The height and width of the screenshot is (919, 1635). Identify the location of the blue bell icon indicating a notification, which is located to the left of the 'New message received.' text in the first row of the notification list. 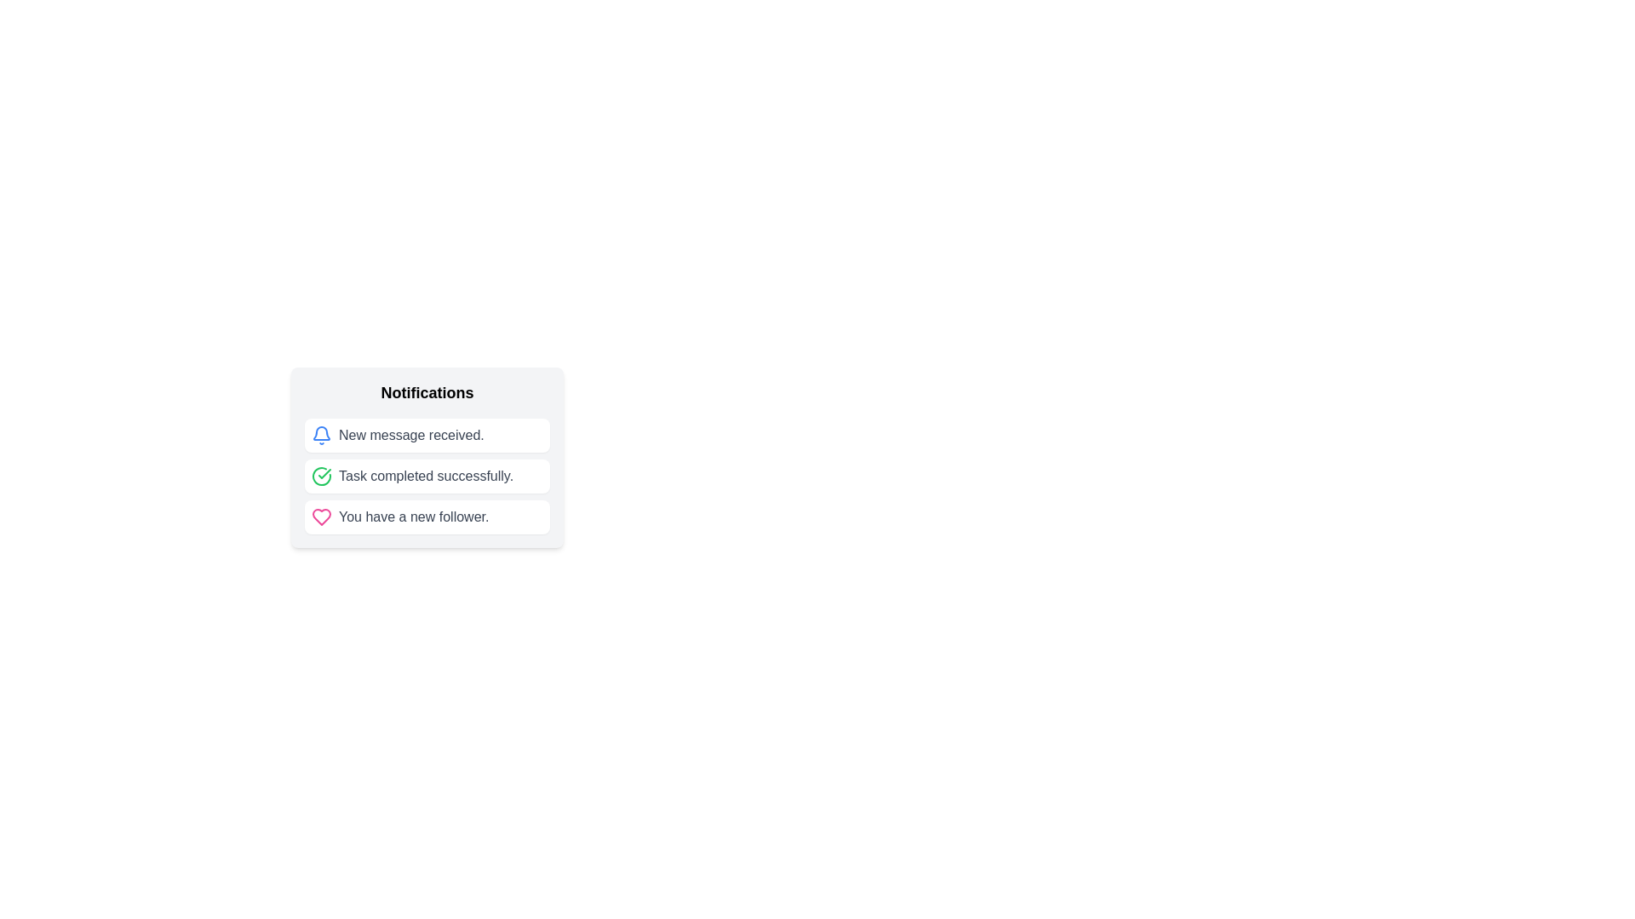
(322, 435).